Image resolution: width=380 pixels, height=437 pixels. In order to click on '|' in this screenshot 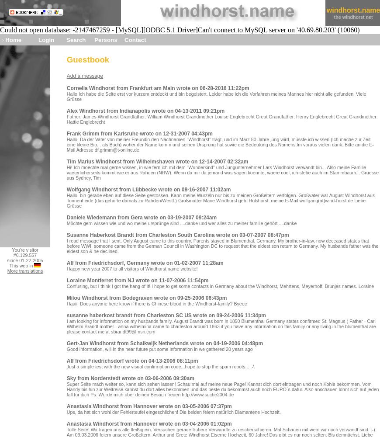, I will do `click(326, 13)`.